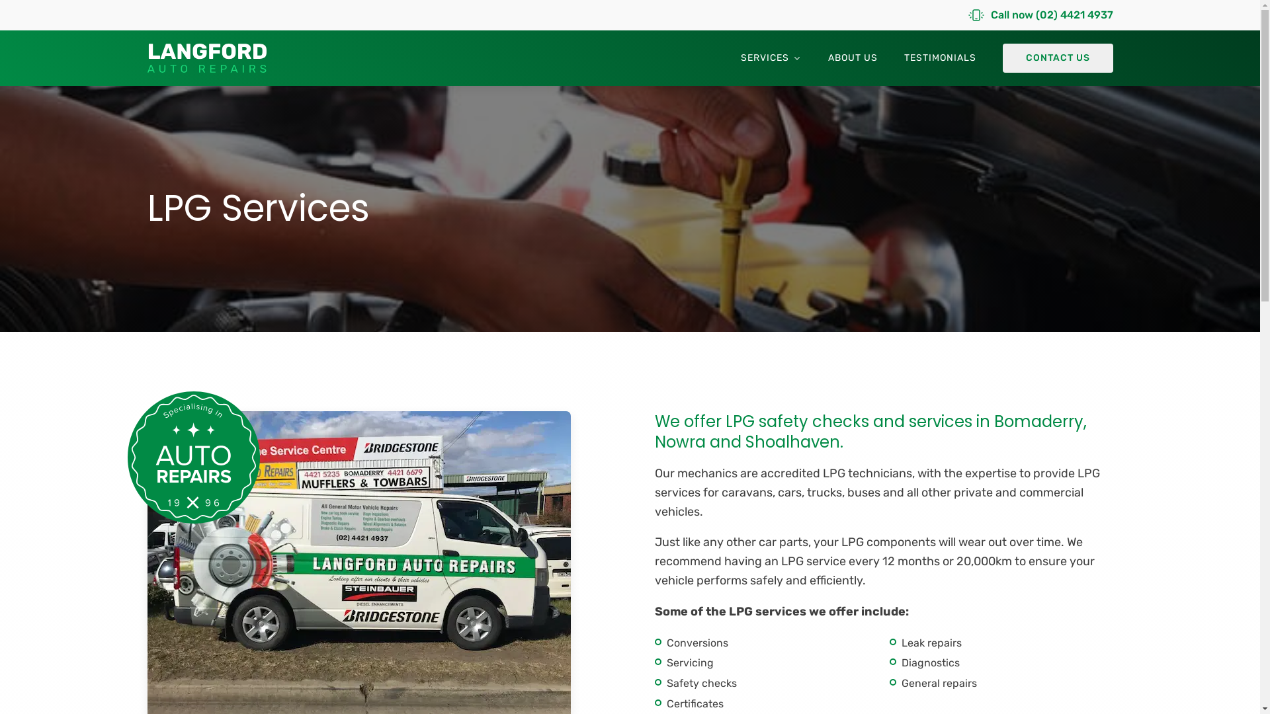 This screenshot has width=1270, height=714. What do you see at coordinates (1057, 58) in the screenshot?
I see `'CONTACT US'` at bounding box center [1057, 58].